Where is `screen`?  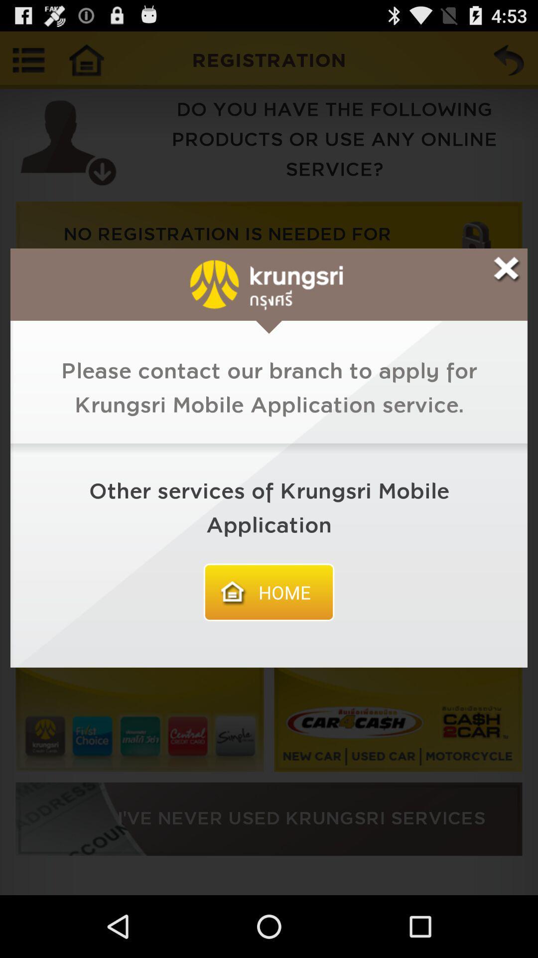 screen is located at coordinates (507, 269).